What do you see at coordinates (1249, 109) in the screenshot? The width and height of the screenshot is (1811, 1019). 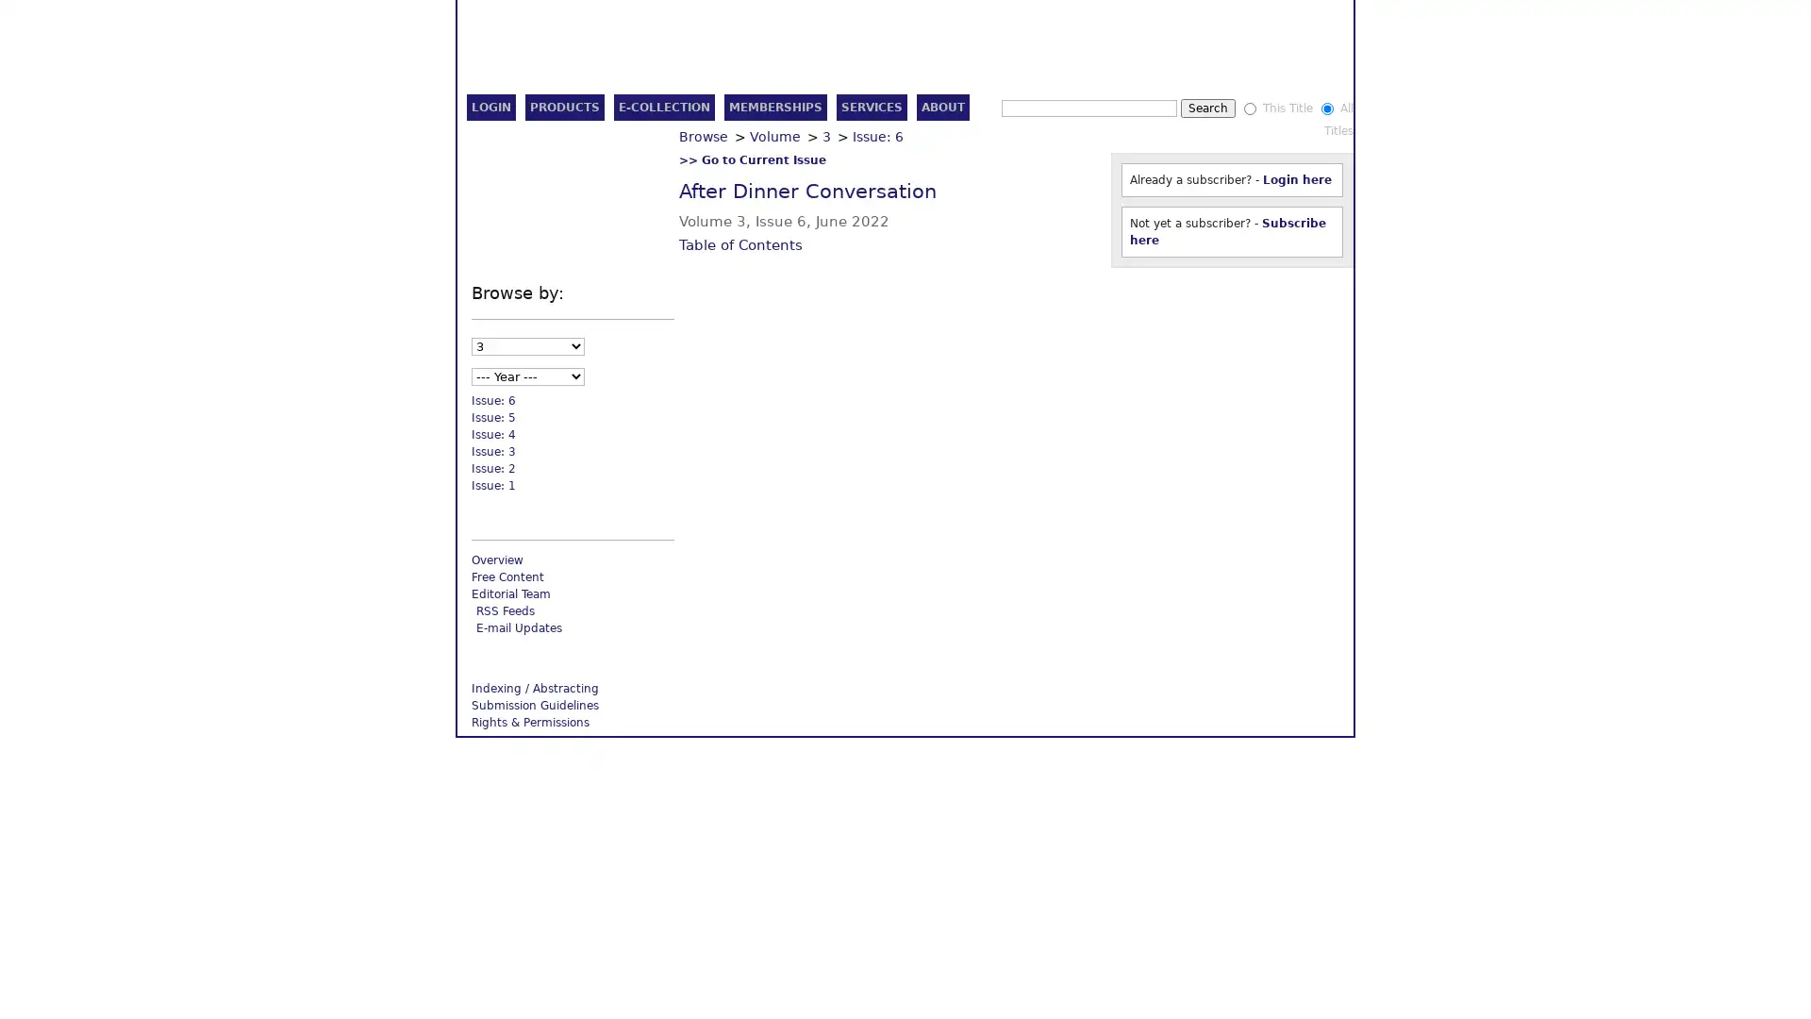 I see `Search` at bounding box center [1249, 109].